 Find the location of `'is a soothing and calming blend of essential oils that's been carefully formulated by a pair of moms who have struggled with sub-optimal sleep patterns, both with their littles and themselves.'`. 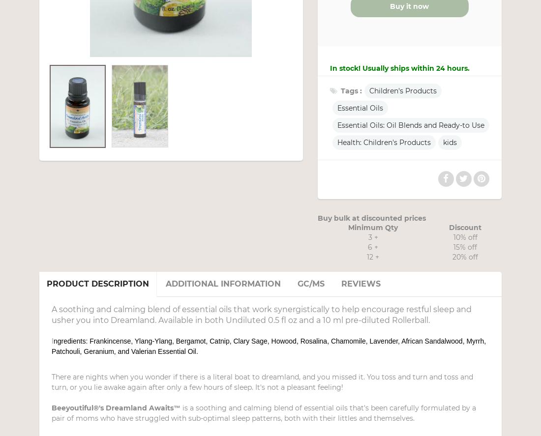

'is a soothing and calming blend of essential oils that's been carefully formulated by a pair of moms who have struggled with sub-optimal sleep patterns, both with their littles and themselves.' is located at coordinates (264, 412).